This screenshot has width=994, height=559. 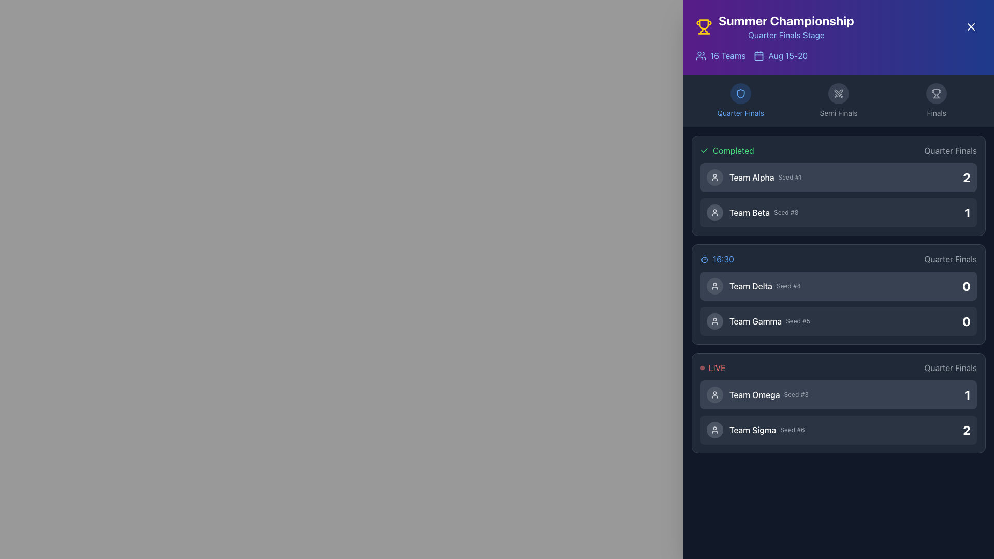 I want to click on score value displayed for 'Team Sigma' on the leaderboard interface, located at the far right of the section for 'Team SigmaSeed #62', so click(x=966, y=430).